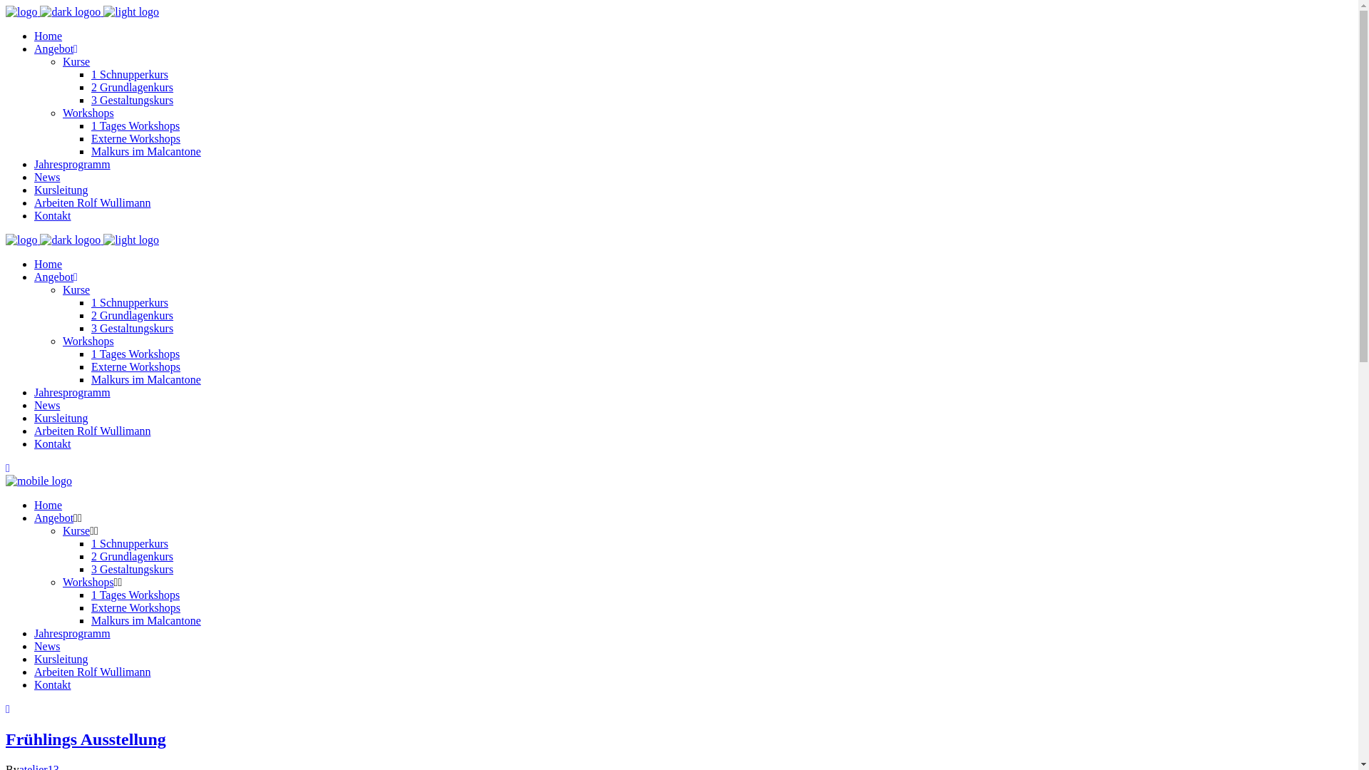 The height and width of the screenshot is (770, 1369). Describe the element at coordinates (130, 543) in the screenshot. I see `'1 Schnupperkurs'` at that location.